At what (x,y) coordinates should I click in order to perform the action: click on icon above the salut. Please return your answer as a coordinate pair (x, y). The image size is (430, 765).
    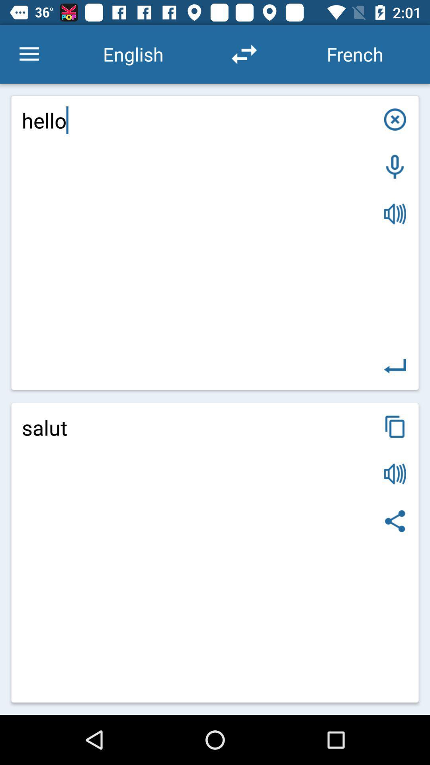
    Looking at the image, I should click on (395, 366).